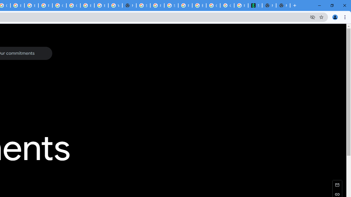 This screenshot has height=197, width=351. I want to click on 'Sign in - Google Accounts', so click(143, 5).